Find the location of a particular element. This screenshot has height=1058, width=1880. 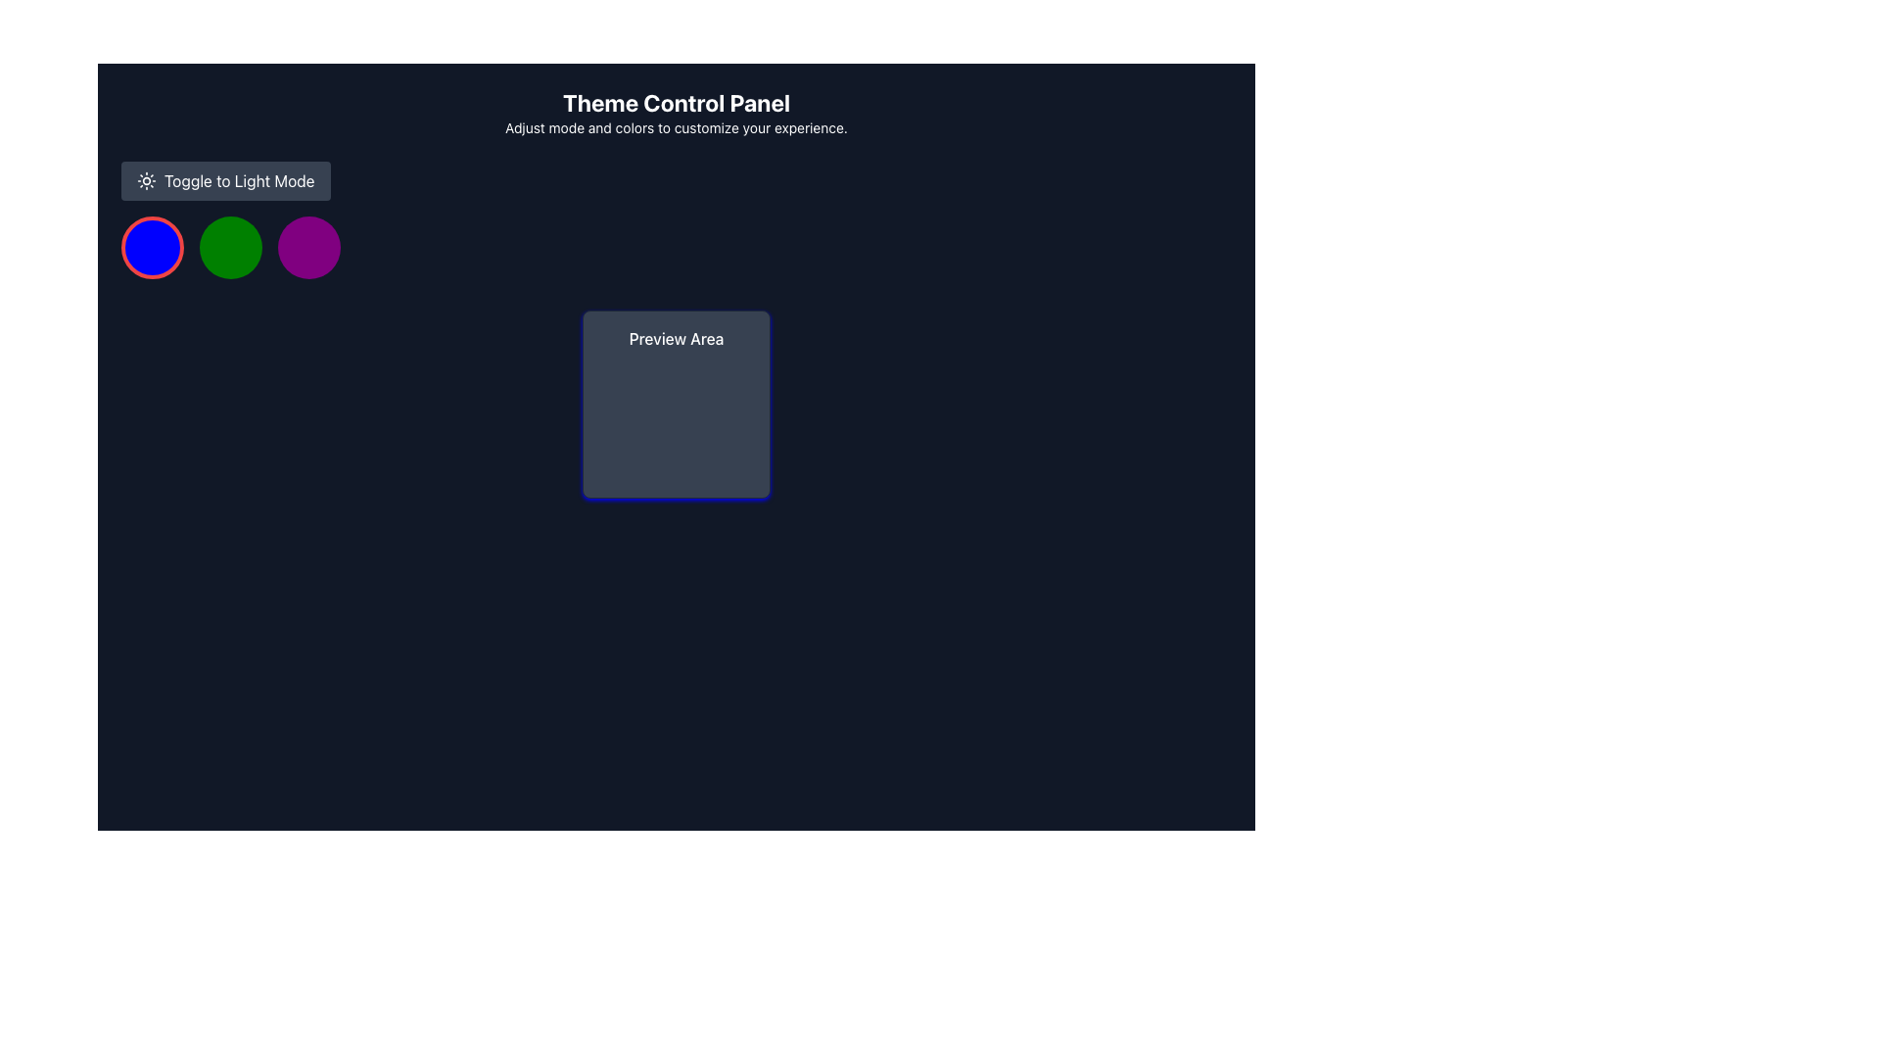

the blue circular button with a red border, which is the first in a row of three buttons is located at coordinates (152, 247).